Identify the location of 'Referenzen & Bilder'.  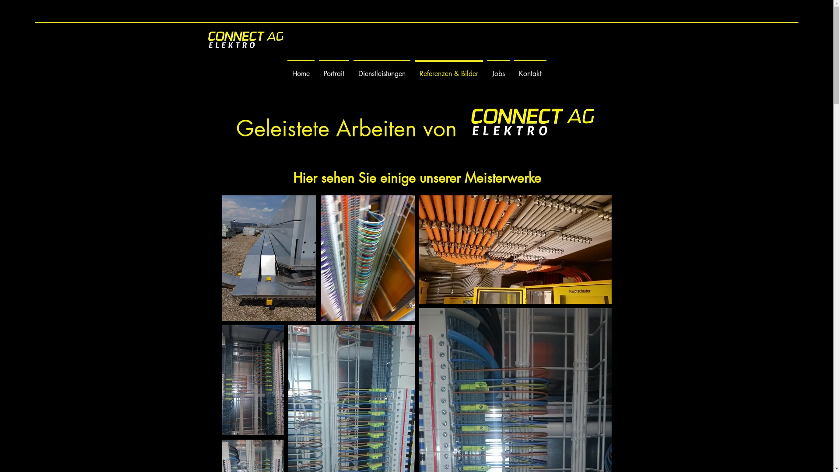
(448, 69).